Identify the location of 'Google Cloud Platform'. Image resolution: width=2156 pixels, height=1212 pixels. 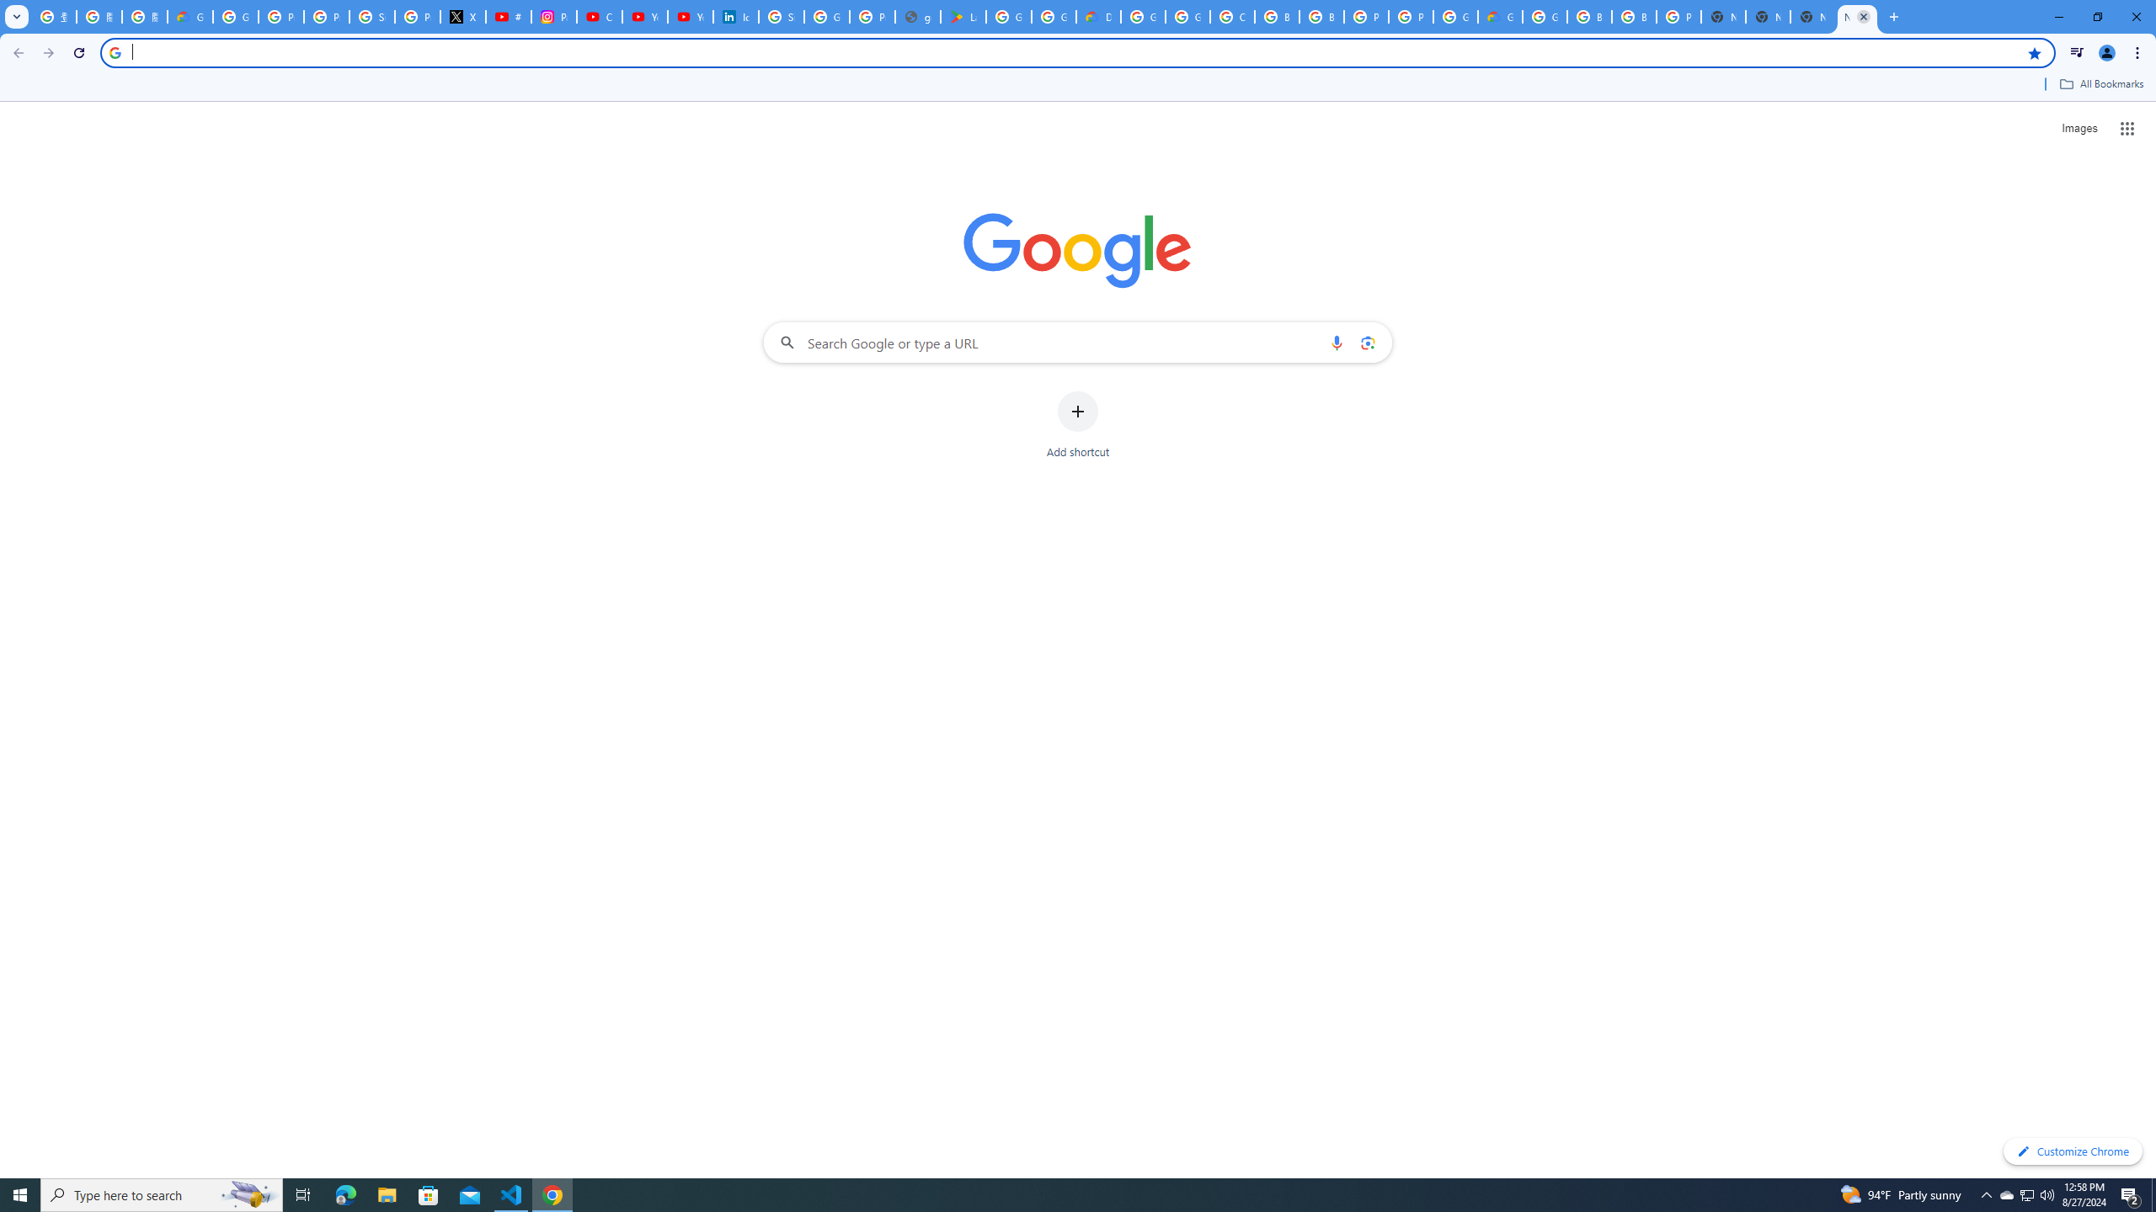
(1545, 16).